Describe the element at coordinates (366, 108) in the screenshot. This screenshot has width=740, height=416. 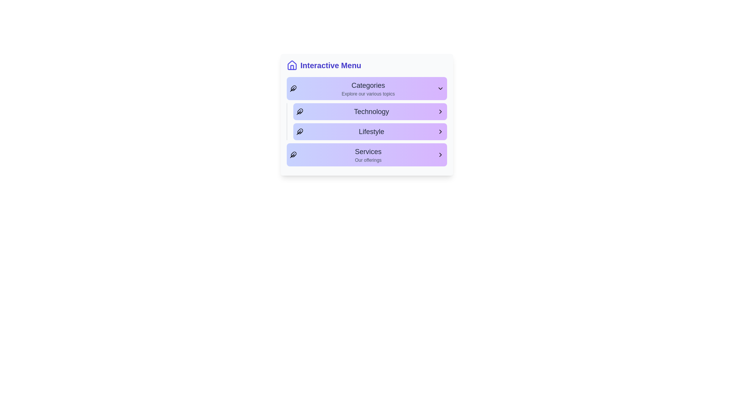
I see `the 'Technology' button, which is the second item in the list of the menu component located beneath 'Categories' and above 'Lifestyle'` at that location.